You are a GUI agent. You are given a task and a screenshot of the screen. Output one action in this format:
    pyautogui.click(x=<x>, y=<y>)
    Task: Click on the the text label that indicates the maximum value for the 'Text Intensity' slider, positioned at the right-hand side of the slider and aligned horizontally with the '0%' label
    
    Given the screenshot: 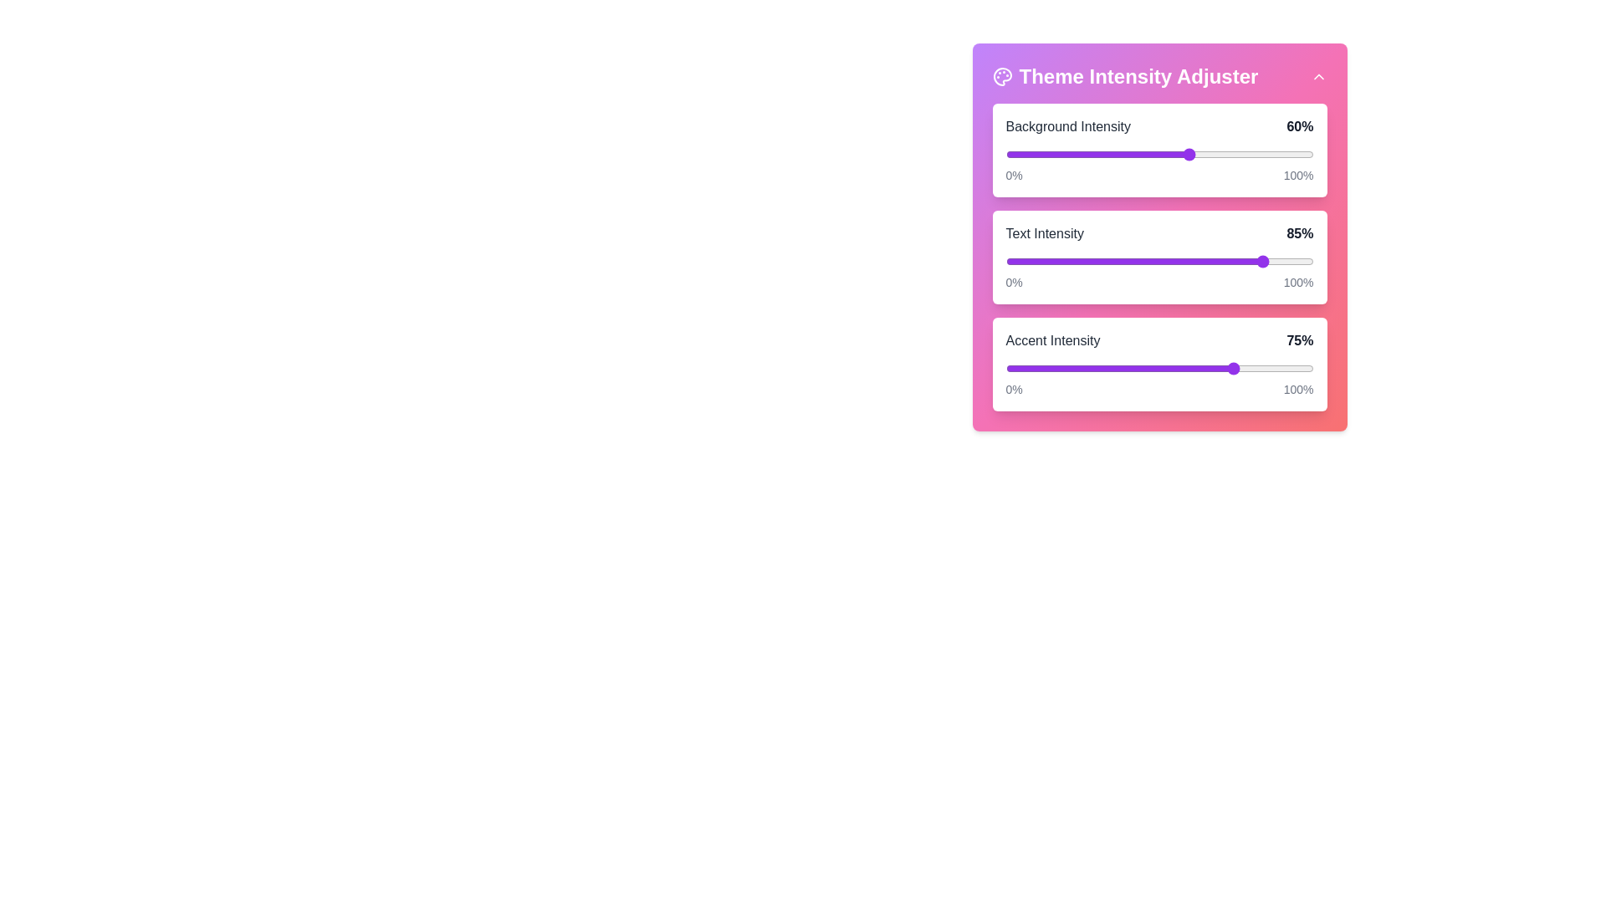 What is the action you would take?
    pyautogui.click(x=1297, y=282)
    